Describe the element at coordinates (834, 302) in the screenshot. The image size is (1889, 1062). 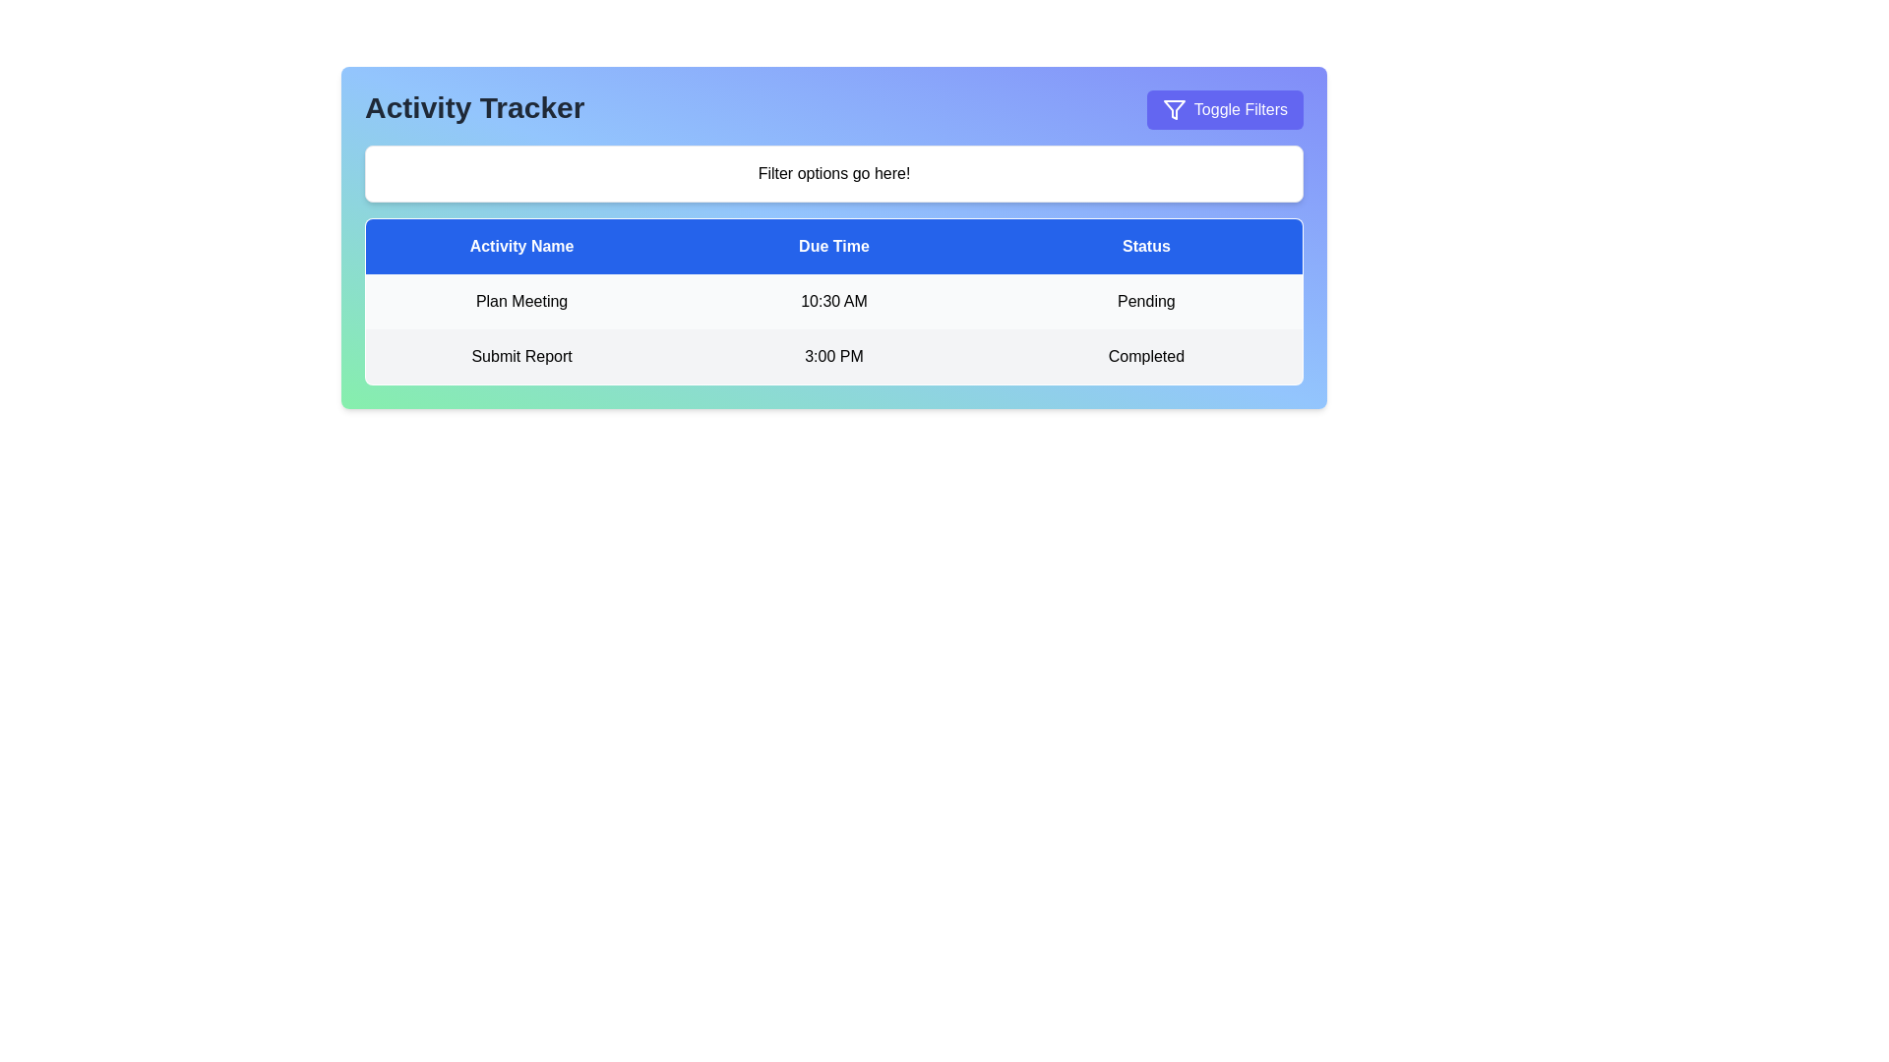
I see `the Text label displaying the due time for the corresponding activity in the table, located in the second column of the first row, aligned with the 'Due Time' header cell` at that location.